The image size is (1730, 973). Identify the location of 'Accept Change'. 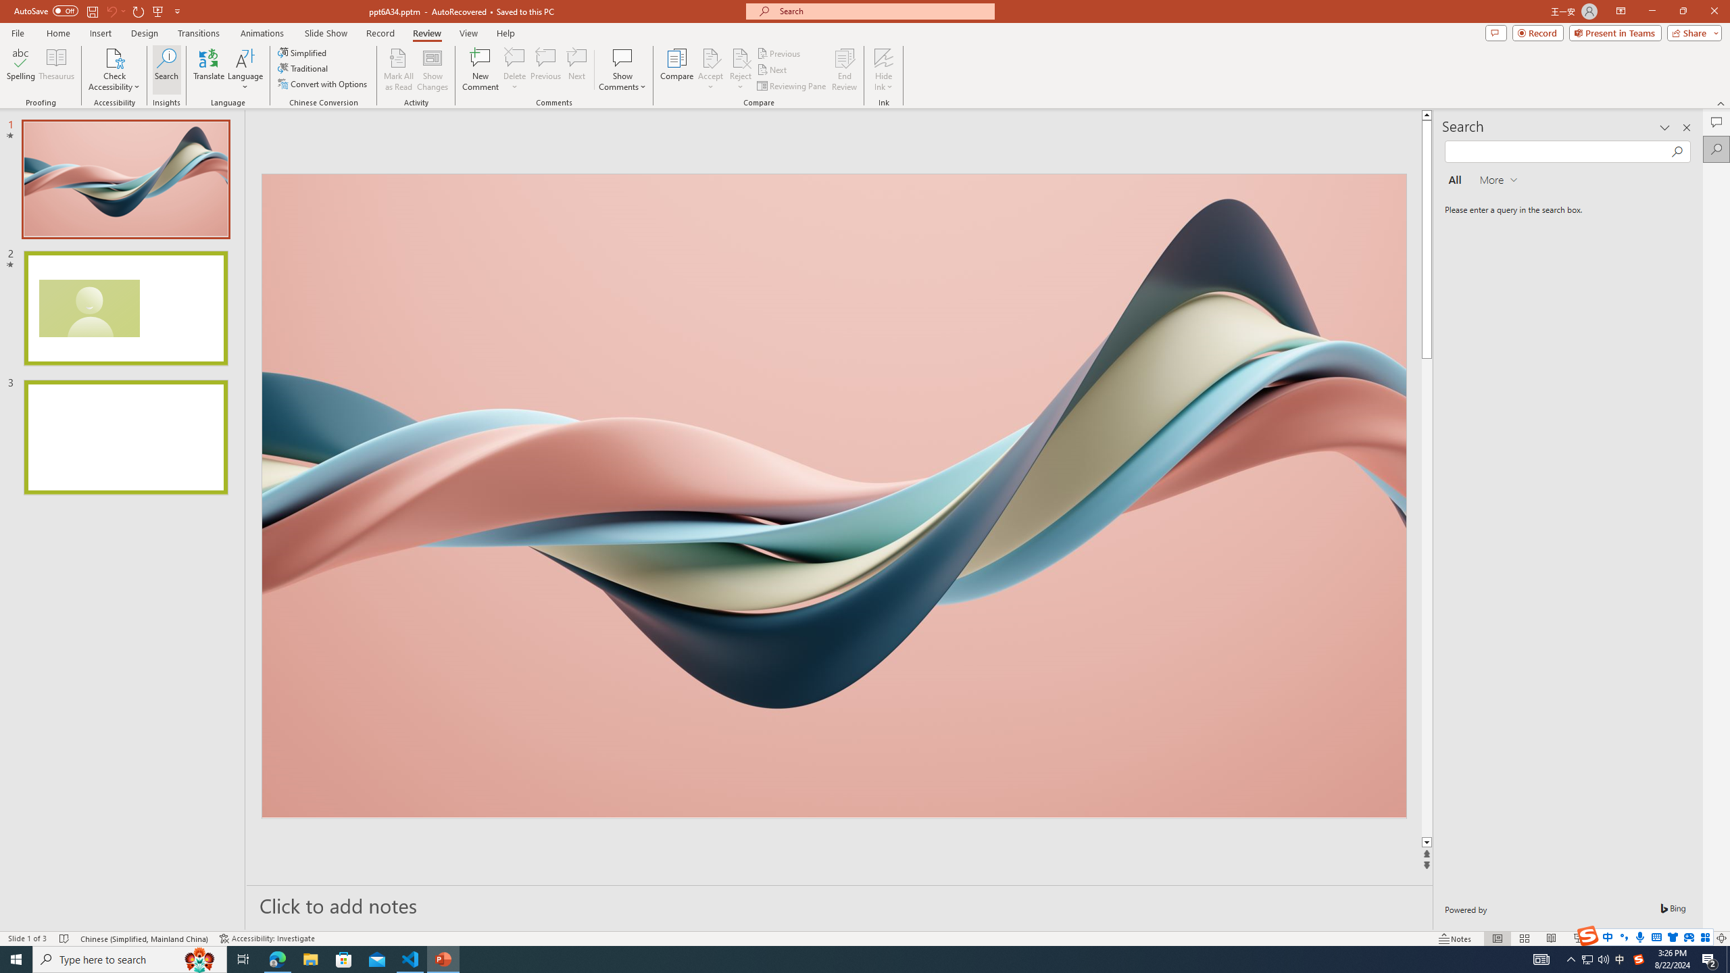
(710, 57).